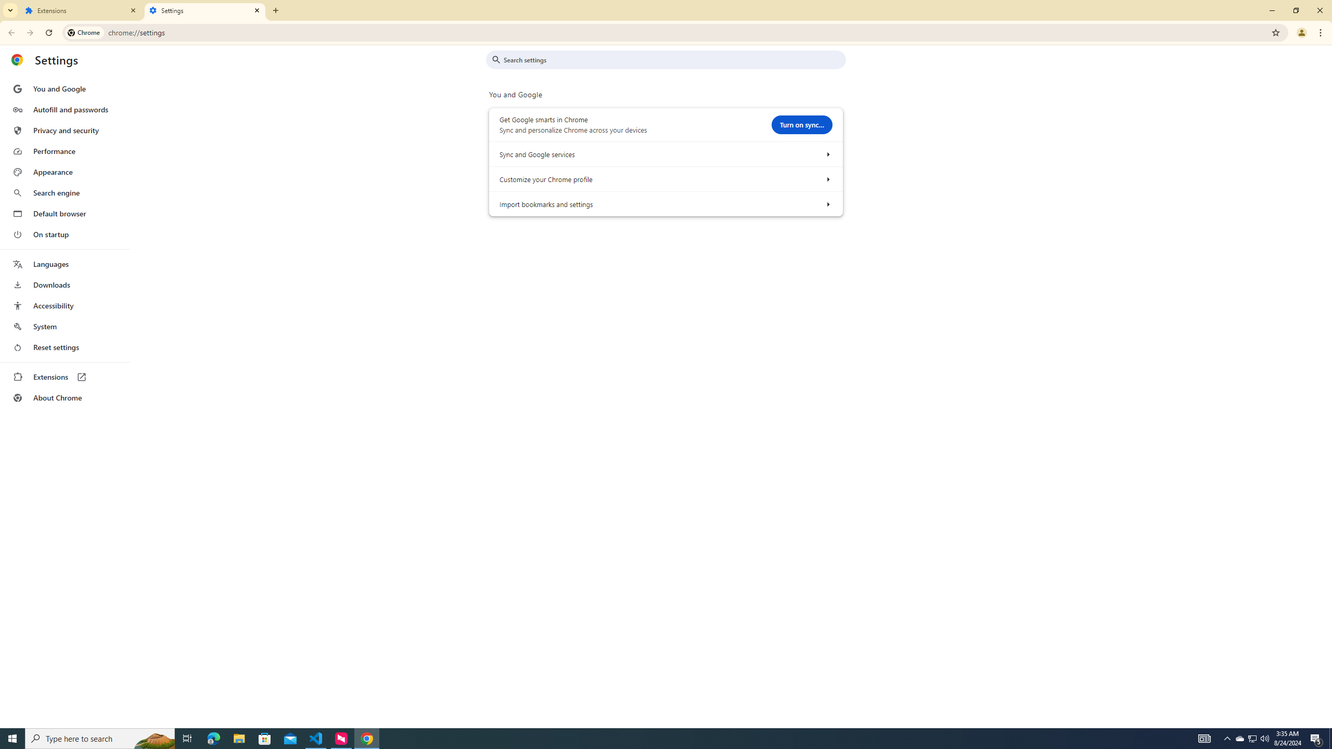  Describe the element at coordinates (64, 109) in the screenshot. I see `'Autofill and passwords'` at that location.